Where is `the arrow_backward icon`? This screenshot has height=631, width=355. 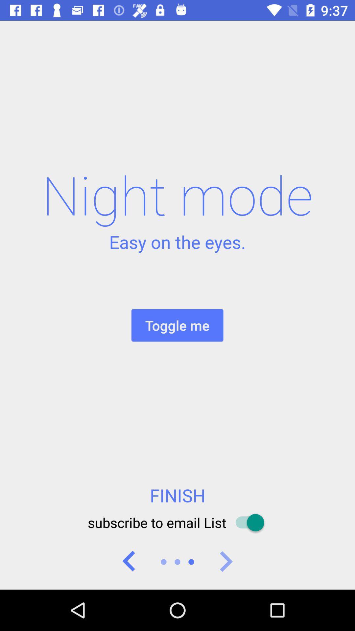
the arrow_backward icon is located at coordinates (129, 561).